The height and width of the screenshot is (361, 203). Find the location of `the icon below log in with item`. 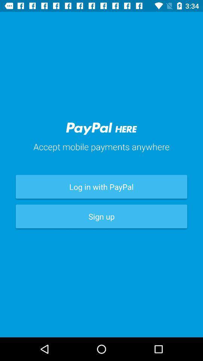

the icon below log in with item is located at coordinates (101, 216).